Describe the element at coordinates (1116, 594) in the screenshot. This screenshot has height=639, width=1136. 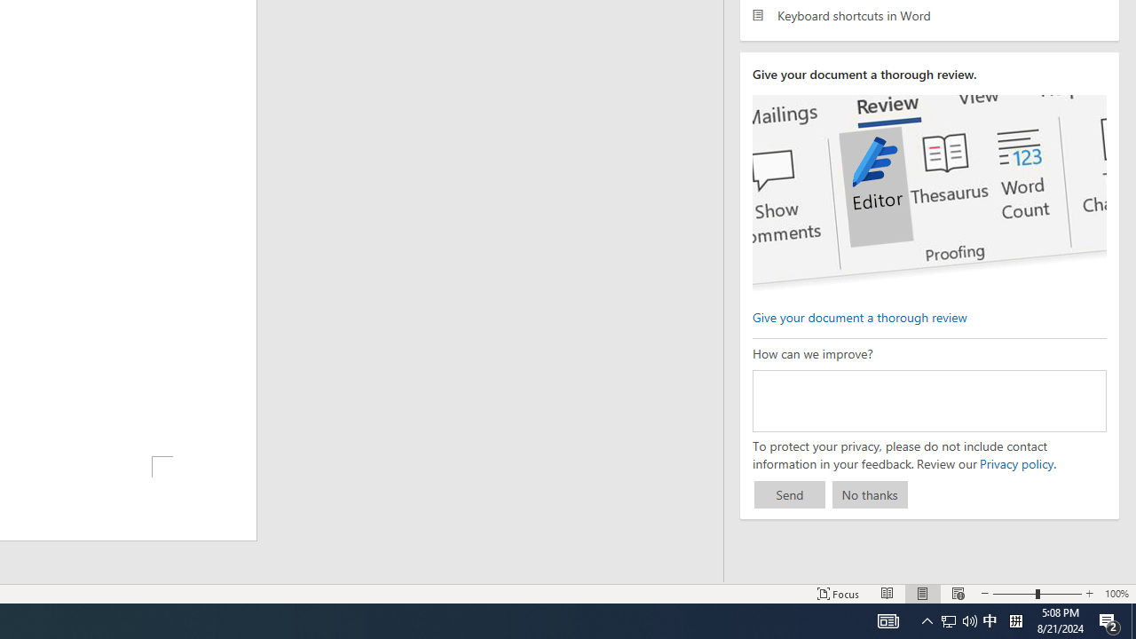
I see `'Zoom 100%'` at that location.